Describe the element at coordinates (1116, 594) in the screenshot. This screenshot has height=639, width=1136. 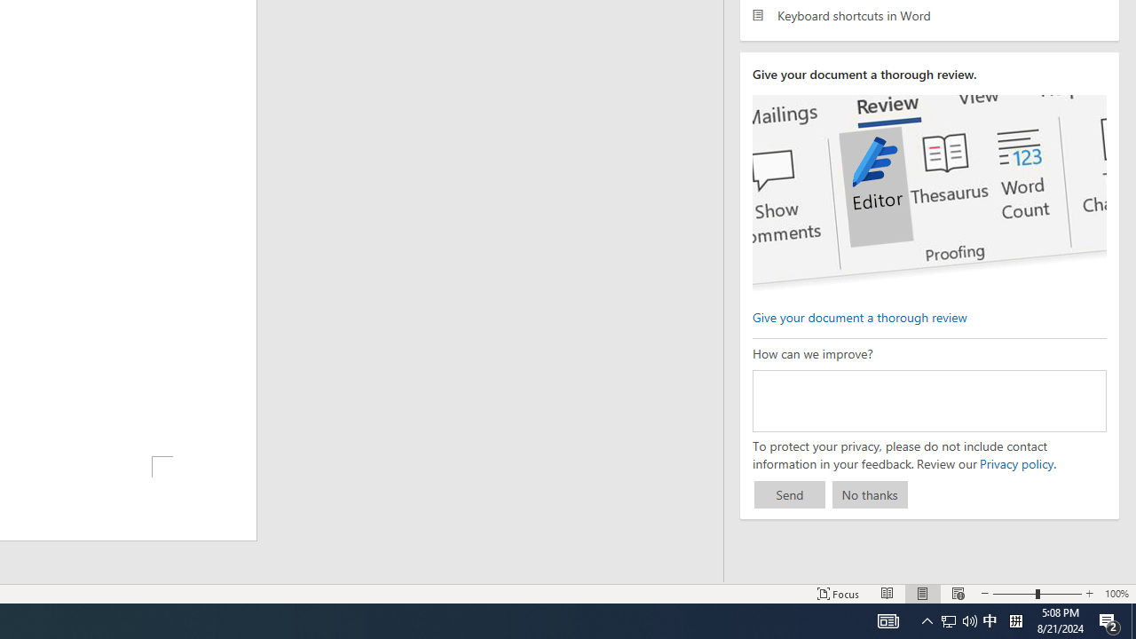
I see `'Zoom 100%'` at that location.